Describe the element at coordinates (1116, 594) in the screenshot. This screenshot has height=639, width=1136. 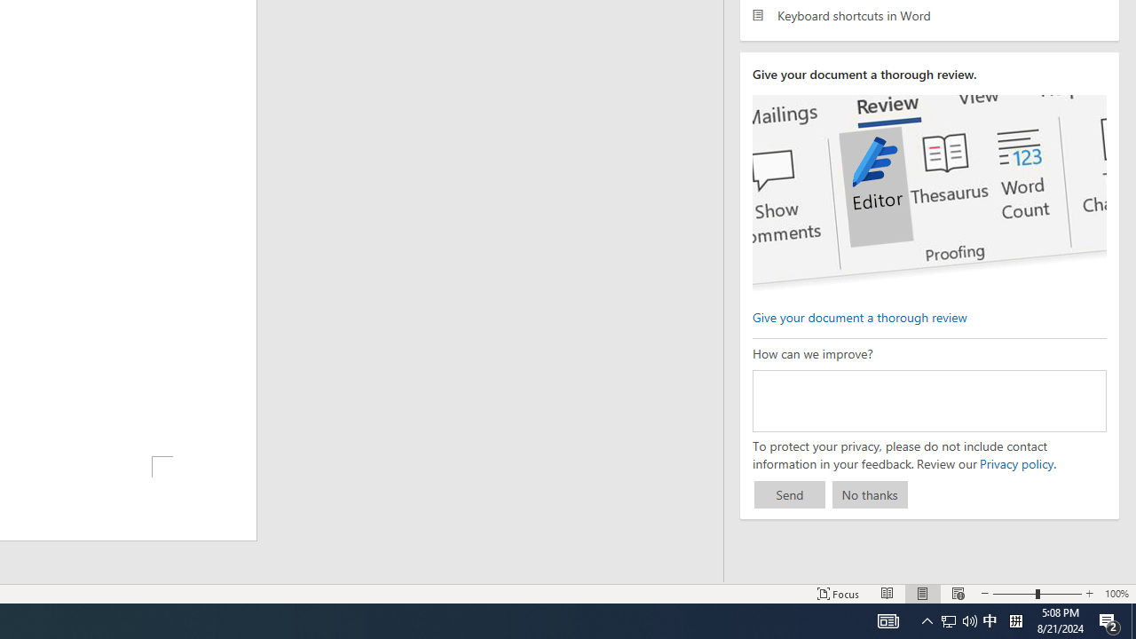
I see `'Zoom 100%'` at that location.